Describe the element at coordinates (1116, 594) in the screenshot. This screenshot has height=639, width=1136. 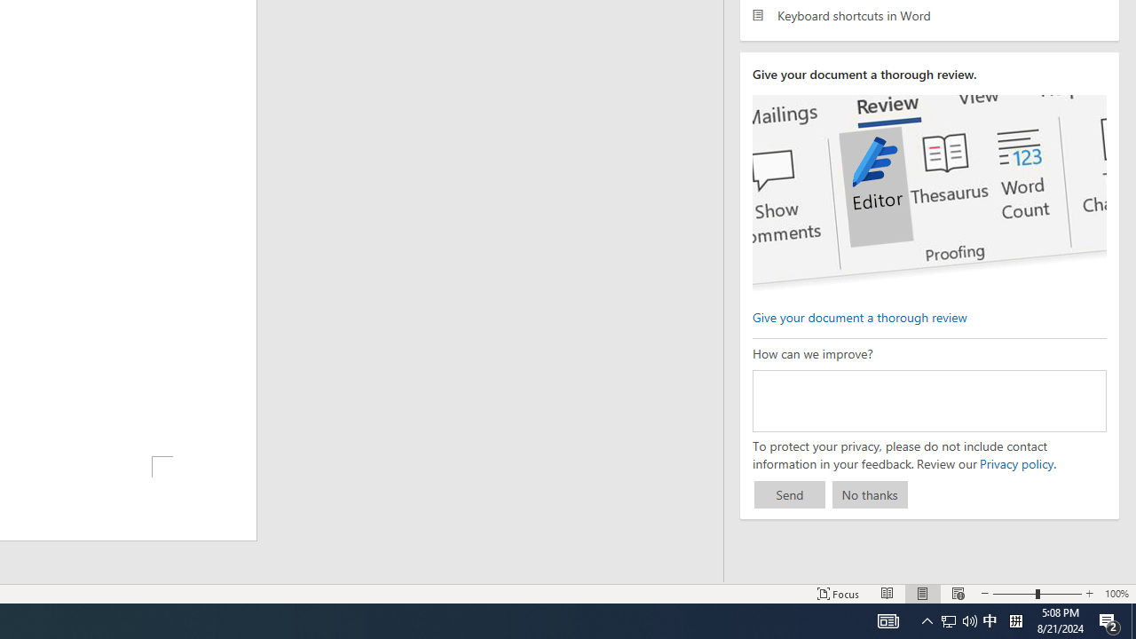
I see `'Zoom 100%'` at that location.